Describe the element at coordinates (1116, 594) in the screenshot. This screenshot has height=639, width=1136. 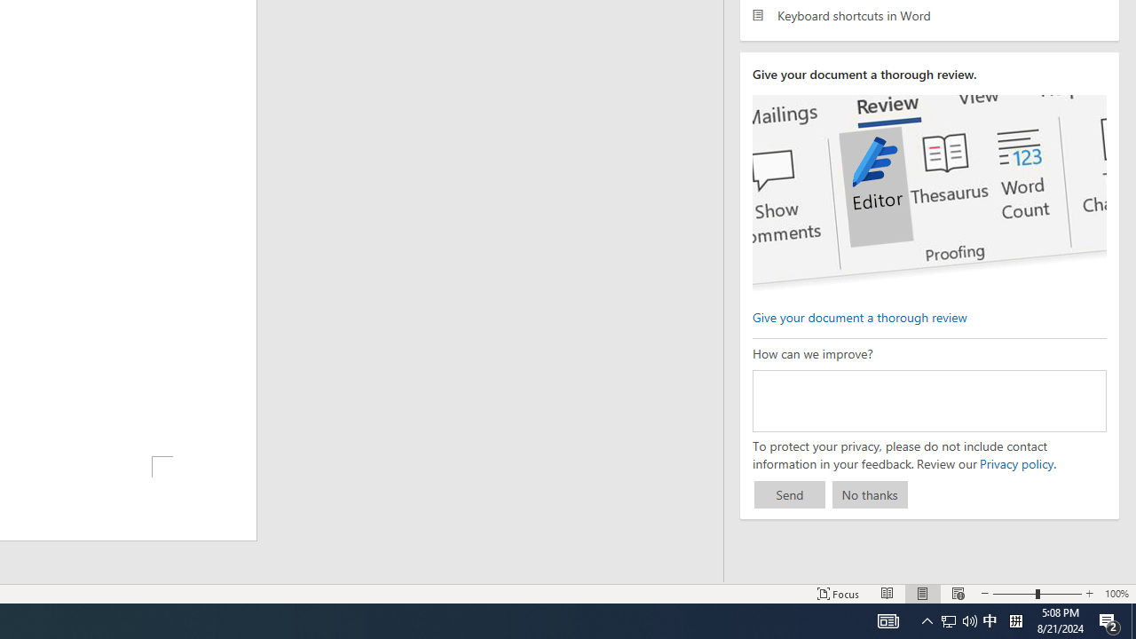
I see `'Zoom 100%'` at that location.